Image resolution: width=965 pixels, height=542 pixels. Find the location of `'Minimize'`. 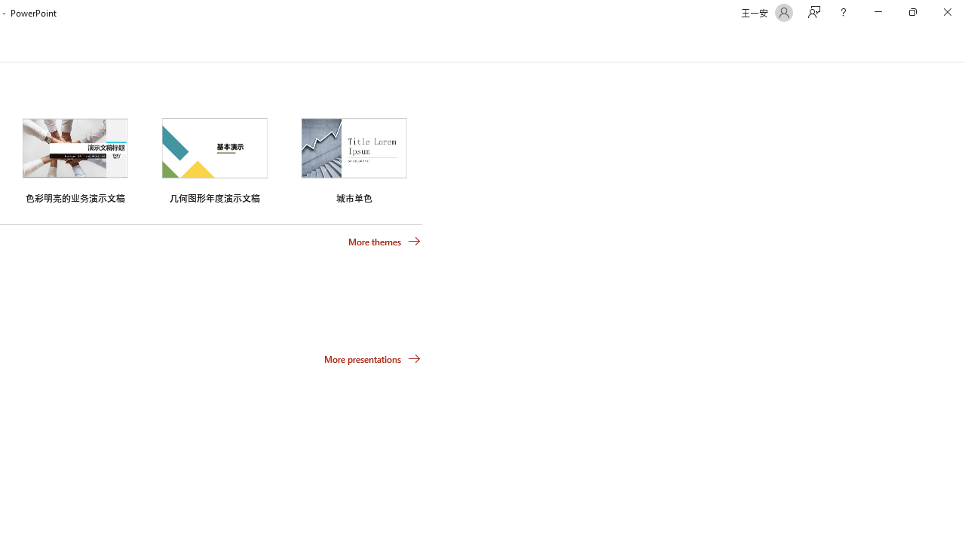

'Minimize' is located at coordinates (878, 12).